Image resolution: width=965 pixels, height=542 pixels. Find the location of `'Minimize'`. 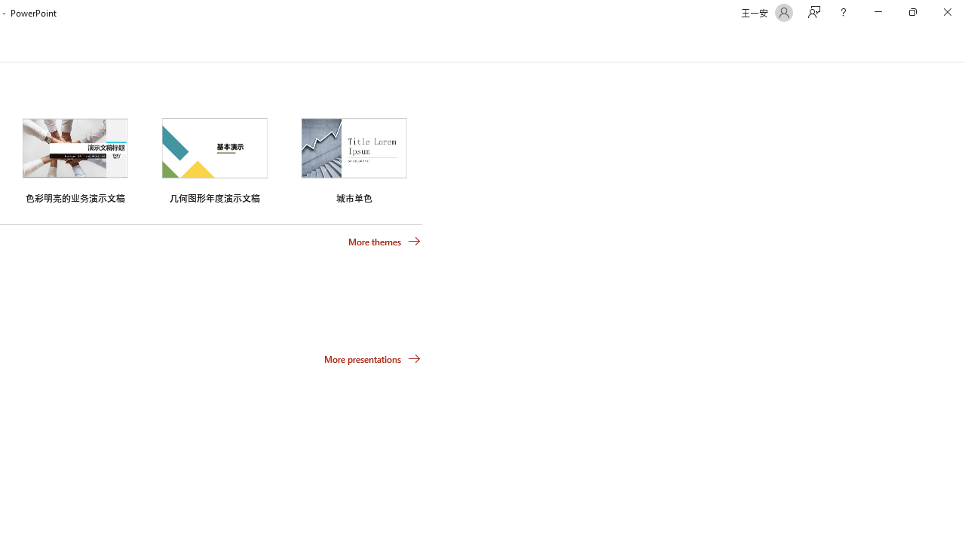

'Minimize' is located at coordinates (878, 12).